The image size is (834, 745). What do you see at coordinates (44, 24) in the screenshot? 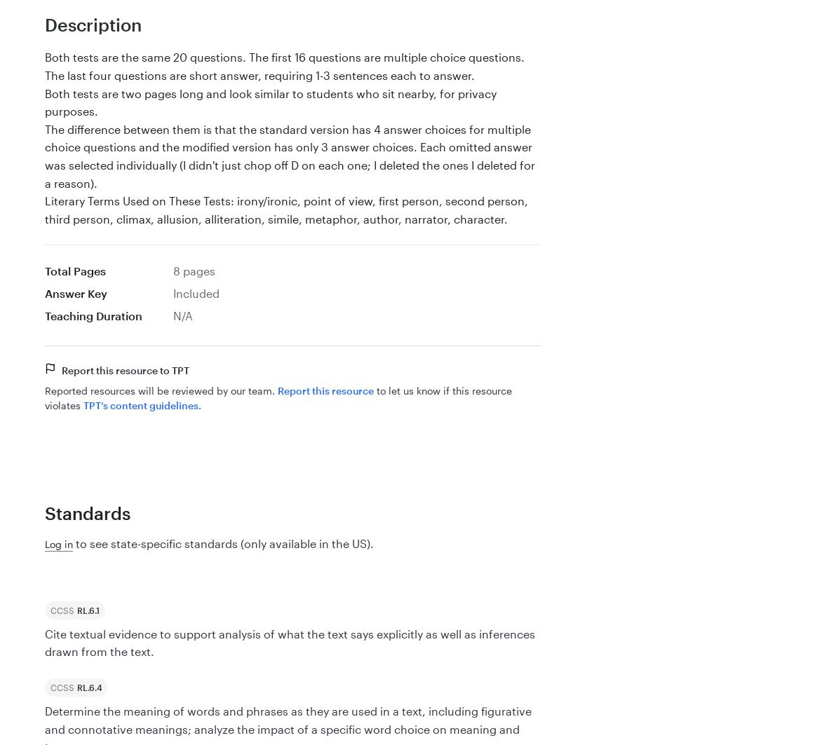
I see `'Description'` at bounding box center [44, 24].